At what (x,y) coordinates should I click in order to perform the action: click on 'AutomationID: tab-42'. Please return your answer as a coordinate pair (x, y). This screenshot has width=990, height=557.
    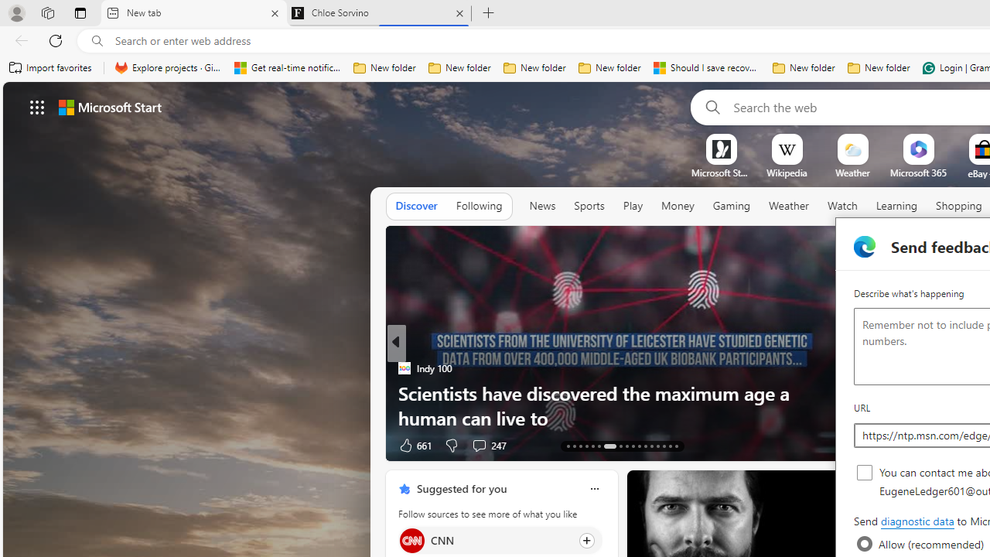
    Looking at the image, I should click on (676, 446).